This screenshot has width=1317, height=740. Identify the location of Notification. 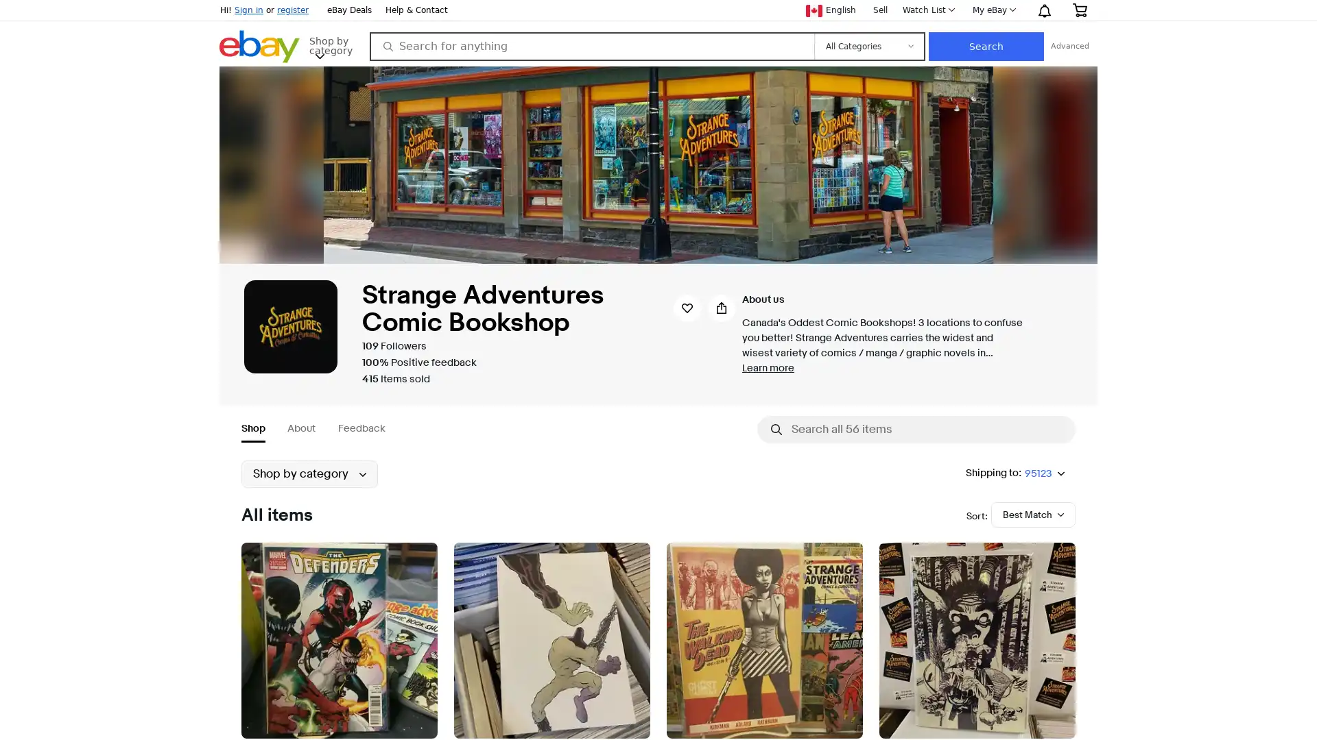
(1043, 10).